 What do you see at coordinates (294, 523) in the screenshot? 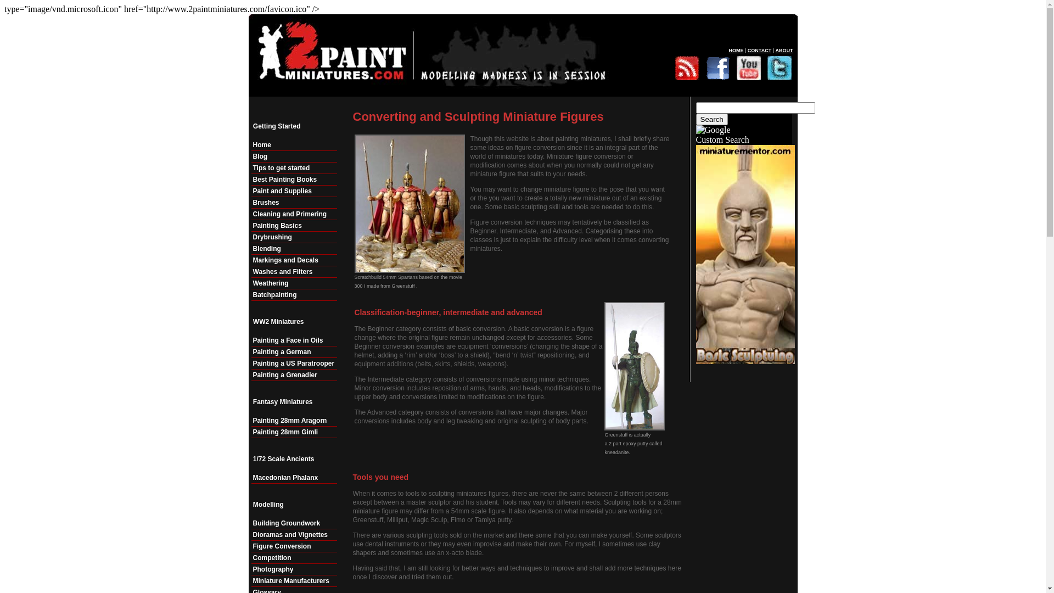
I see `'Building Groundwork'` at bounding box center [294, 523].